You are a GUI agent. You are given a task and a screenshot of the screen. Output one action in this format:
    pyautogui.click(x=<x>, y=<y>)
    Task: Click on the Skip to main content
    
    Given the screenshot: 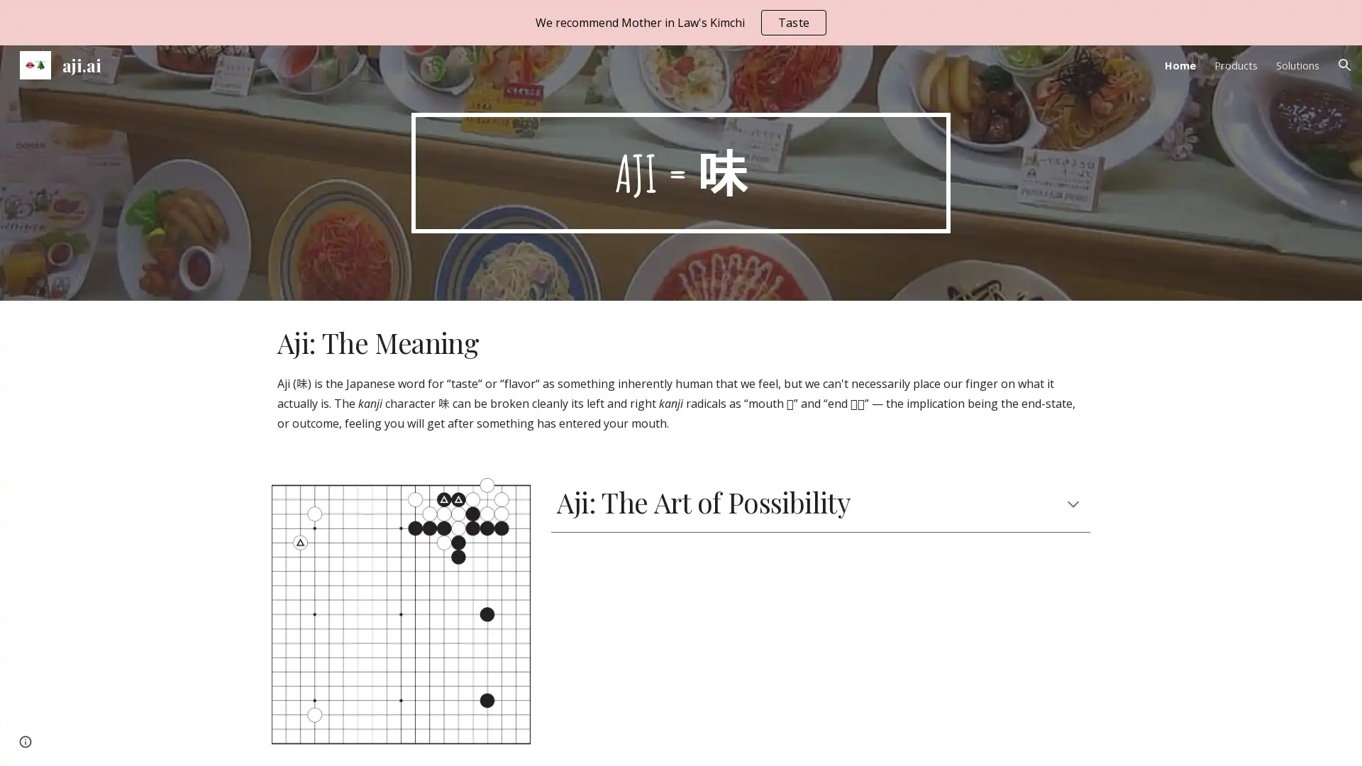 What is the action you would take?
    pyautogui.click(x=558, y=26)
    